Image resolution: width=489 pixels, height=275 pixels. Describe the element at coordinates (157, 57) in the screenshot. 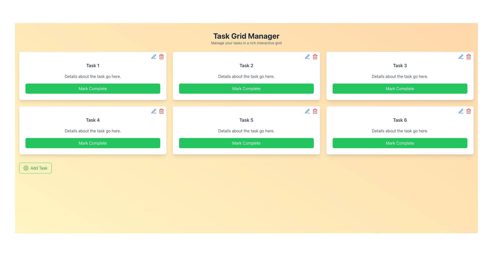

I see `the blue icon in the group of two button-like icons located at the top-right corner of the card labeled 'Task 1' to initiate the editing process` at that location.